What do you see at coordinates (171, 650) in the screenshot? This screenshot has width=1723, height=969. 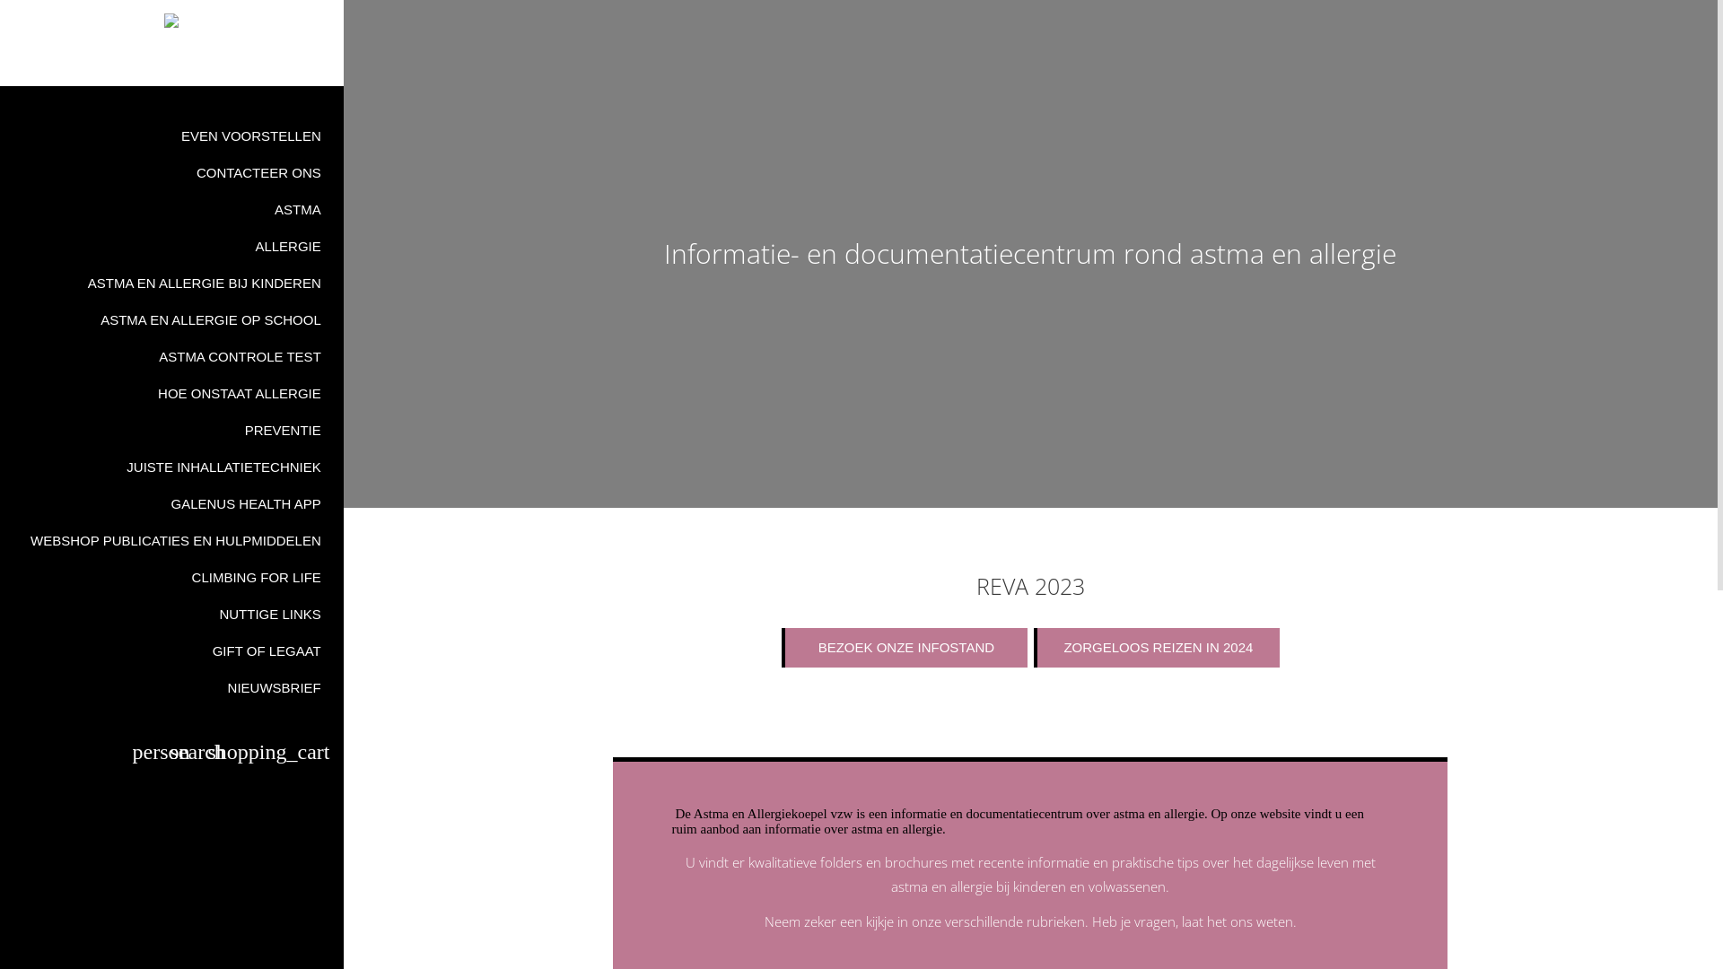 I see `'GIFT OF LEGAAT'` at bounding box center [171, 650].